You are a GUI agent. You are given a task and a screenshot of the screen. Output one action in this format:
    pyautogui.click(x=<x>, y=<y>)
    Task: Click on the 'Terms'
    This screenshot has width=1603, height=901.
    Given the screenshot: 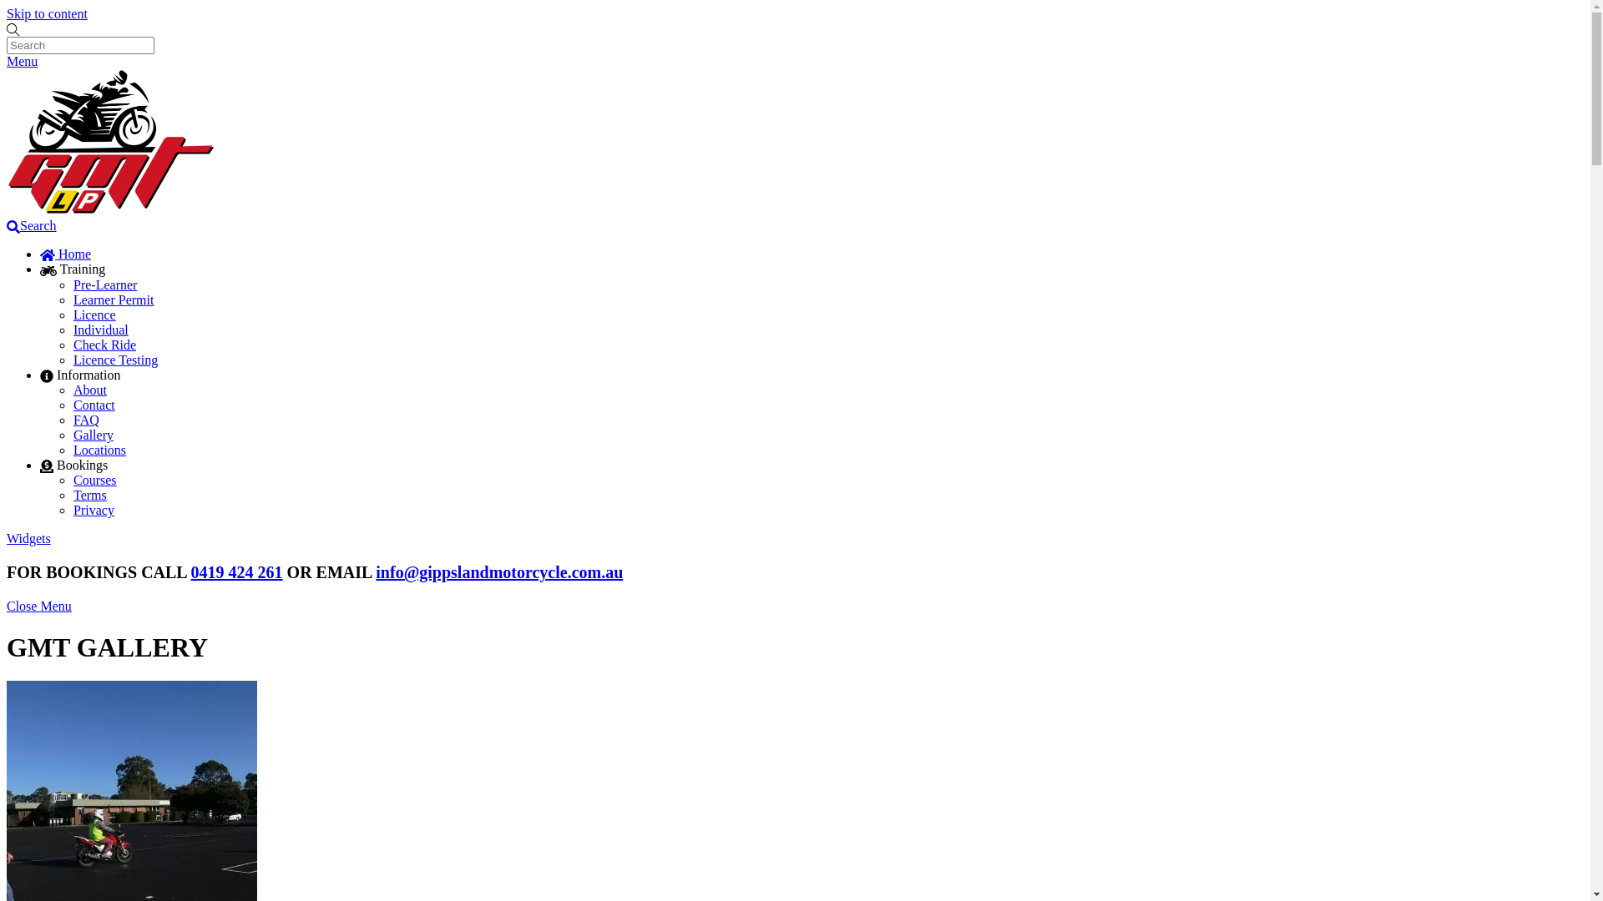 What is the action you would take?
    pyautogui.click(x=88, y=494)
    